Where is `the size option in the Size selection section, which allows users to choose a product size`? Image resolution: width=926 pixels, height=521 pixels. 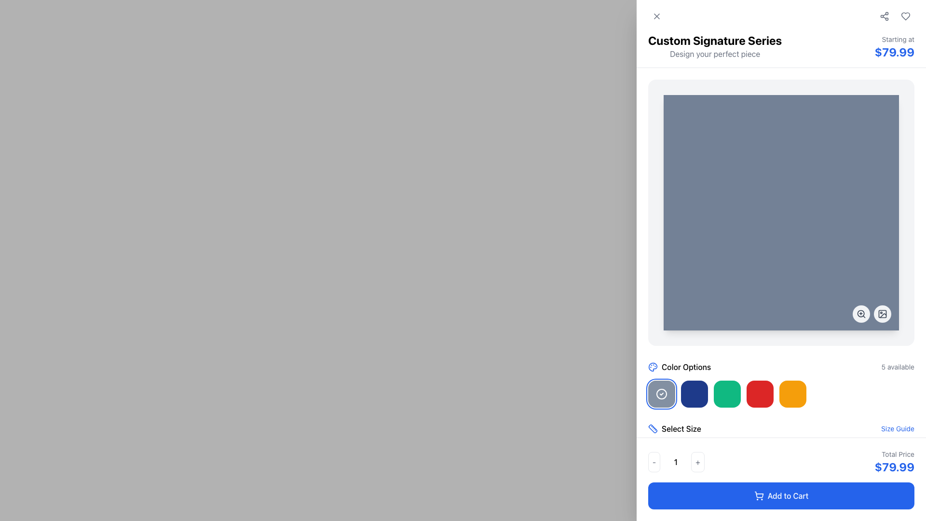
the size option in the Size selection section, which allows users to choose a product size is located at coordinates (781, 444).